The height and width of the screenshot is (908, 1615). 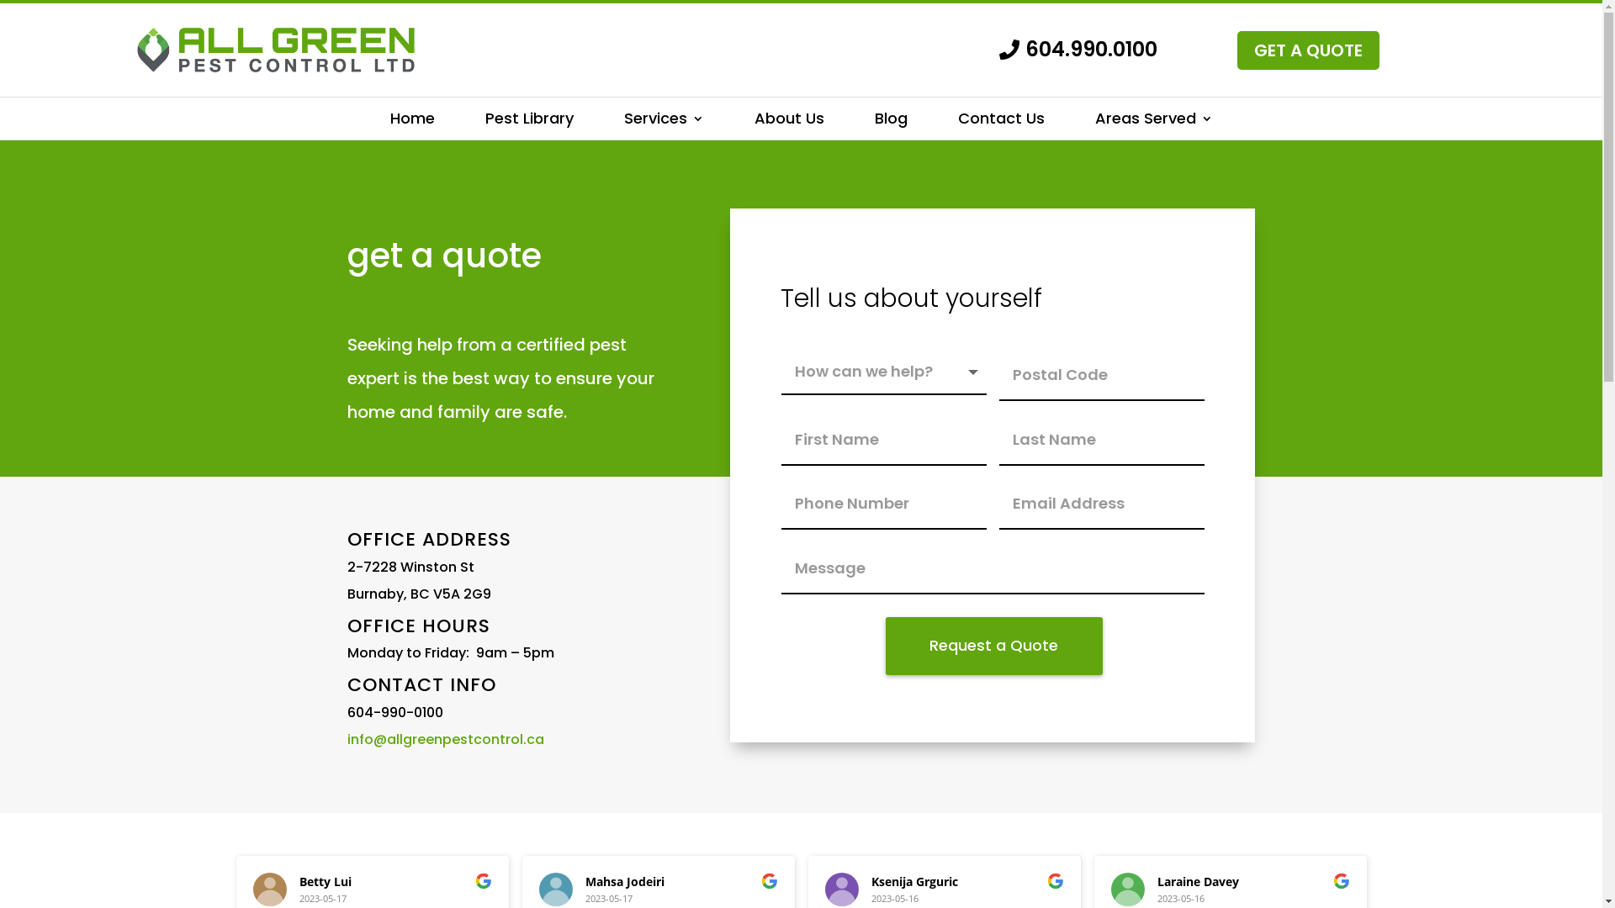 I want to click on 'logo-01', so click(x=274, y=49).